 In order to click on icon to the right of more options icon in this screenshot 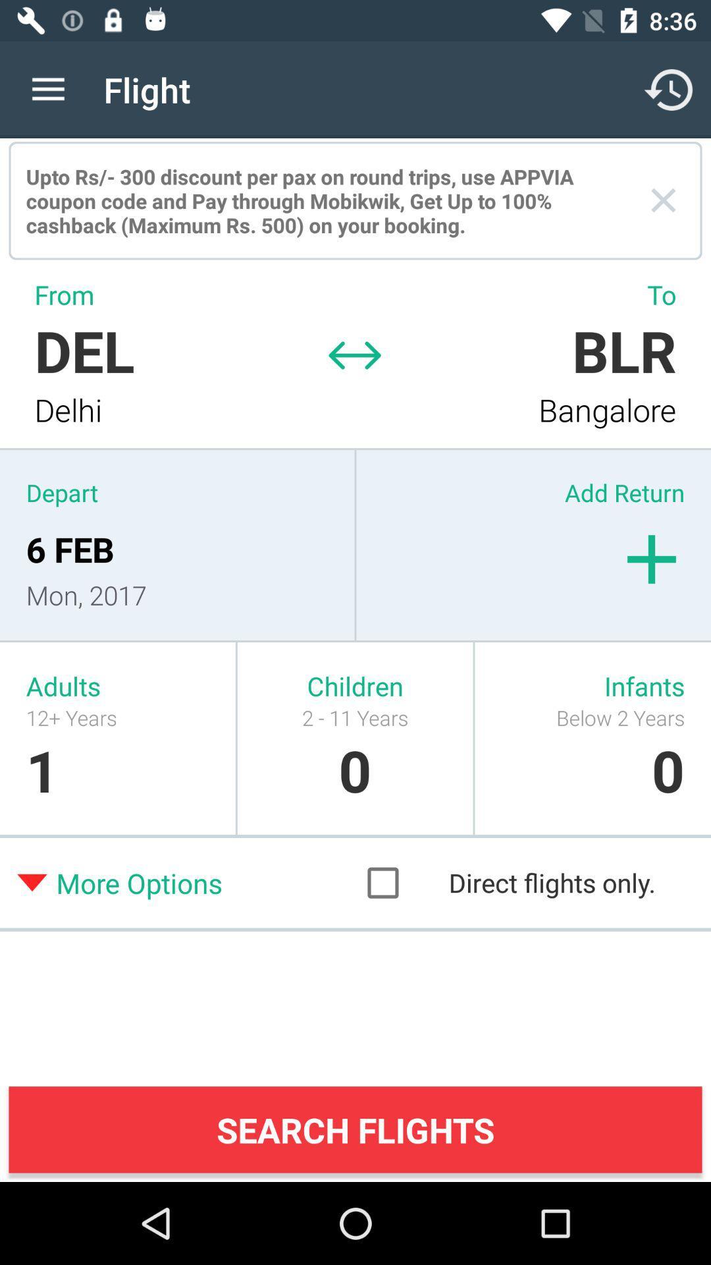, I will do `click(523, 883)`.